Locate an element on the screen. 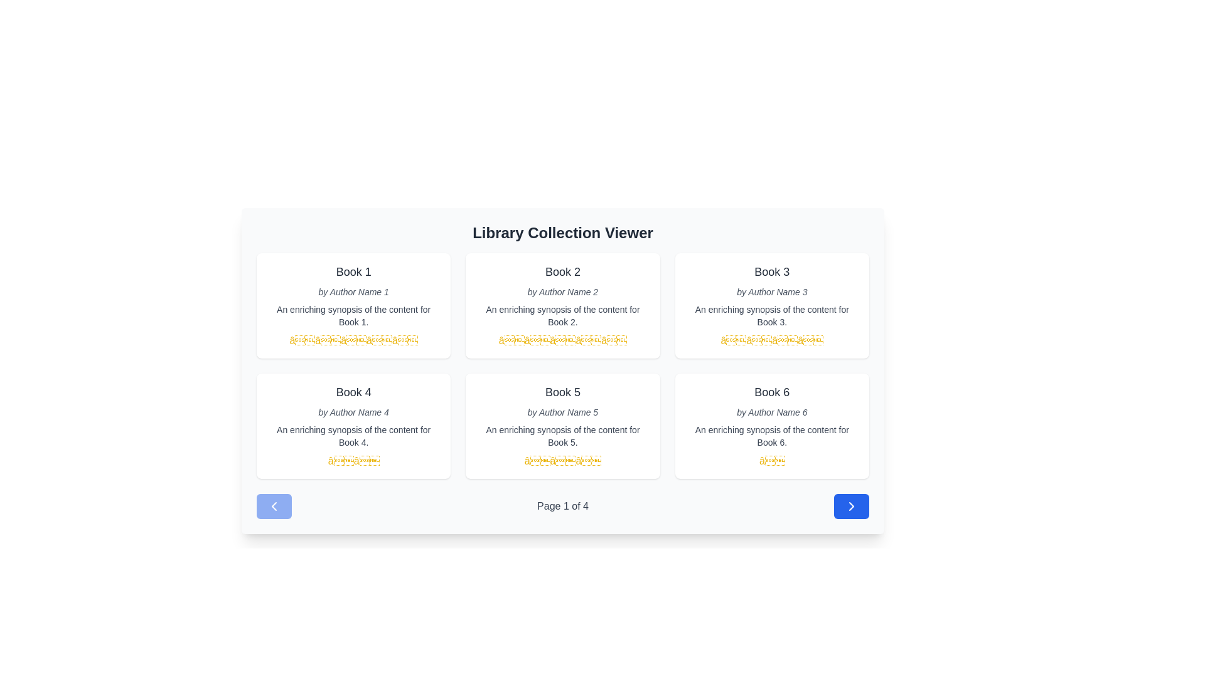  the third star icon in the rating system for 'Book 2', which visually represents the rating level is located at coordinates (562, 340).